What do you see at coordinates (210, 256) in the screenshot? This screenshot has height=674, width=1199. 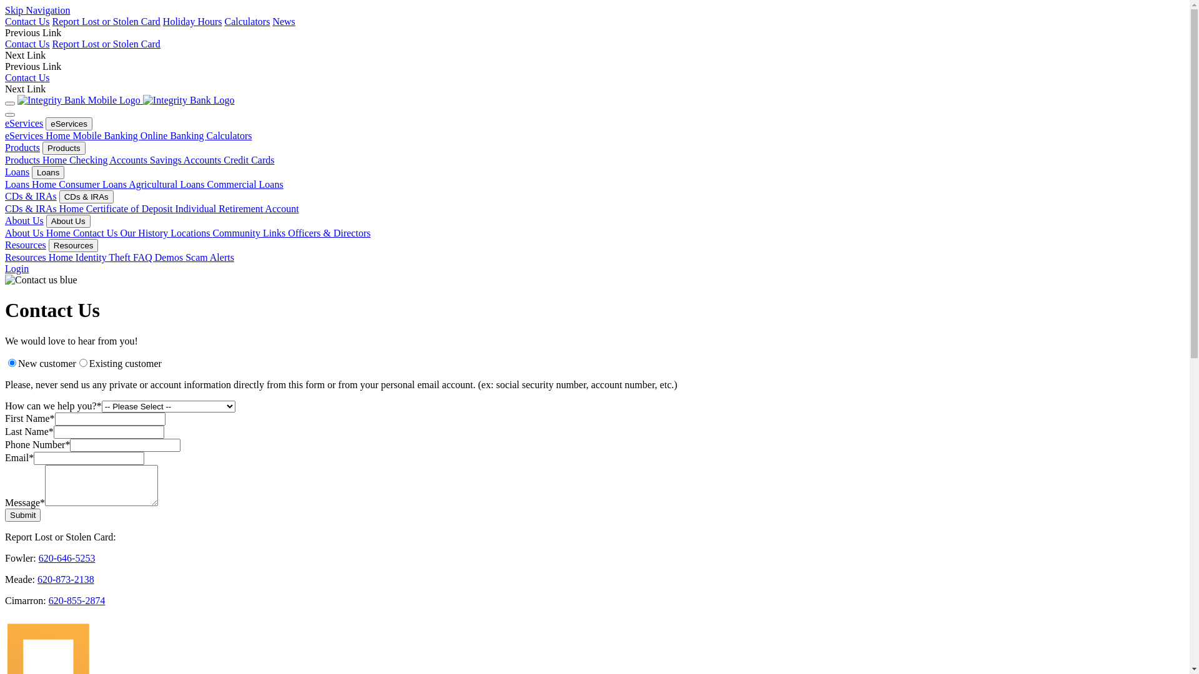 I see `'Scam Alerts'` at bounding box center [210, 256].